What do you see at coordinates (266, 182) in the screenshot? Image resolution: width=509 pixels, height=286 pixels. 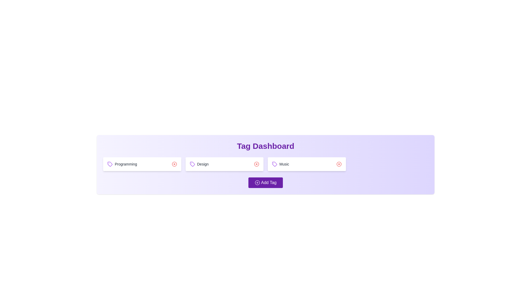 I see `the button located at the bottom-center of the 'Tag Dashboard' section` at bounding box center [266, 182].